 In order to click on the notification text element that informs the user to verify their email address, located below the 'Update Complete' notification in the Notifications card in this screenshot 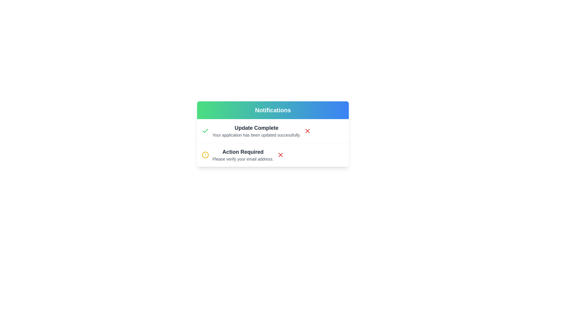, I will do `click(238, 155)`.